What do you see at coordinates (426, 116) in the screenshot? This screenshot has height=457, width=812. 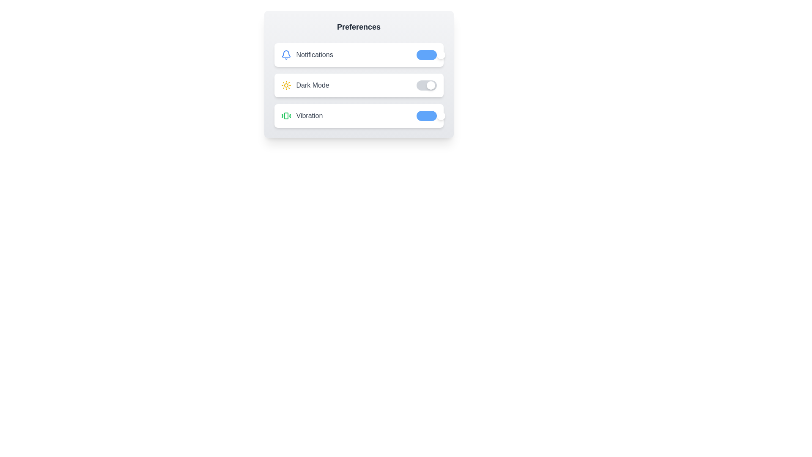 I see `the blue toggle switch with a circular knob on the right within the 'Vibration' panel` at bounding box center [426, 116].